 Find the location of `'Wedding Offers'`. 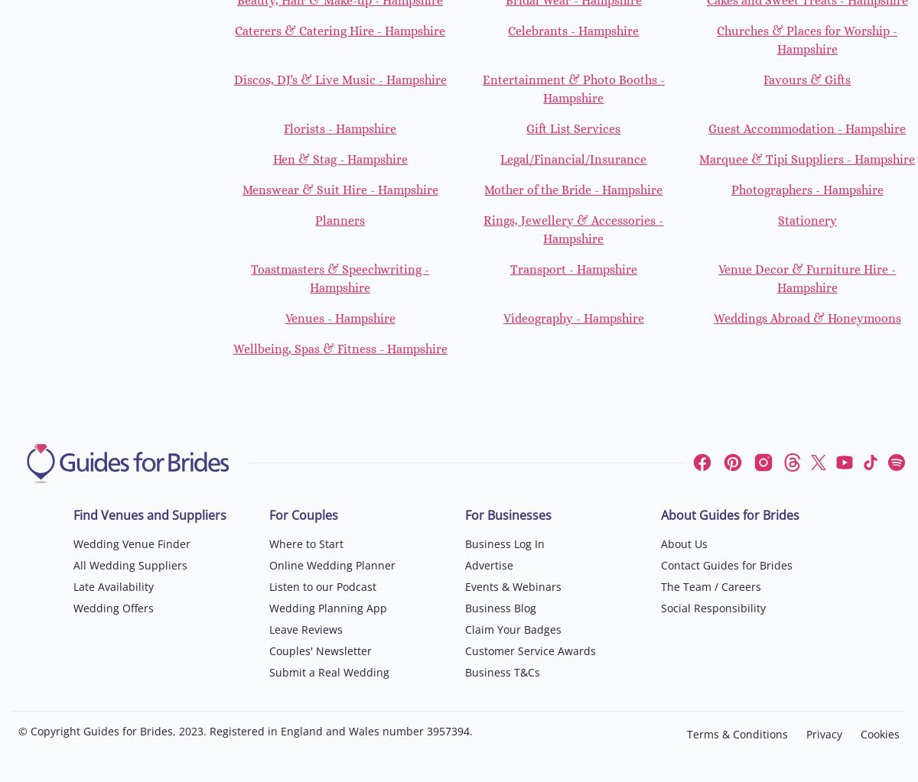

'Wedding Offers' is located at coordinates (113, 607).